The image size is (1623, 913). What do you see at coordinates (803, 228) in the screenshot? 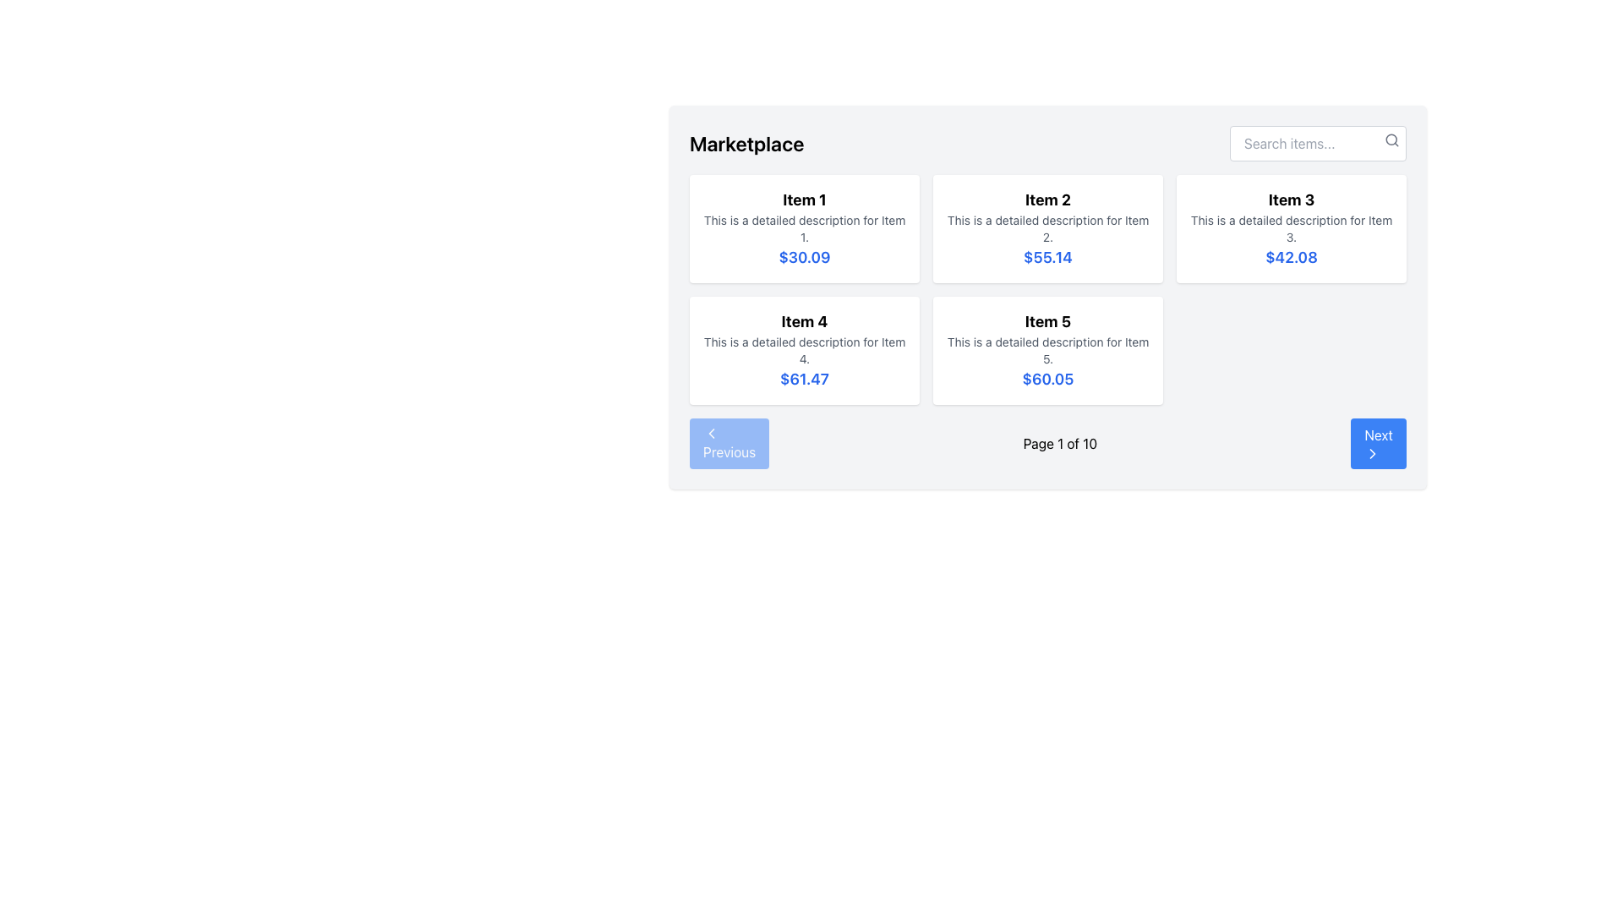
I see `the text label displaying 'This is a detailed description for Item 1.' which is part of a white rectangular card located in the top left of the grid` at bounding box center [803, 228].